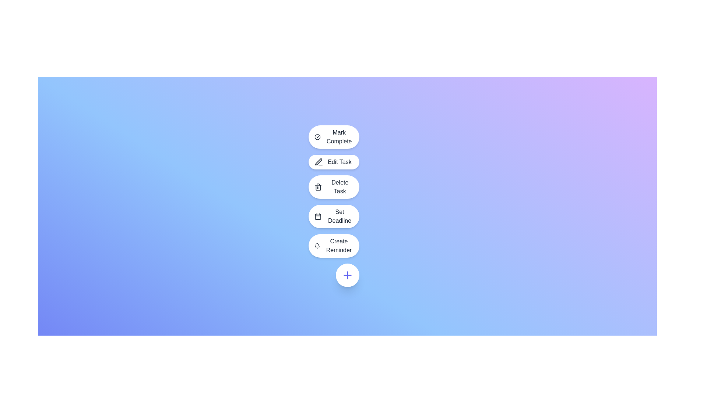 The width and height of the screenshot is (707, 397). Describe the element at coordinates (317, 245) in the screenshot. I see `the notification bell icon, which is a stylized icon resembling a bell located to the right of the last item in a vertical stack of interactive buttons` at that location.